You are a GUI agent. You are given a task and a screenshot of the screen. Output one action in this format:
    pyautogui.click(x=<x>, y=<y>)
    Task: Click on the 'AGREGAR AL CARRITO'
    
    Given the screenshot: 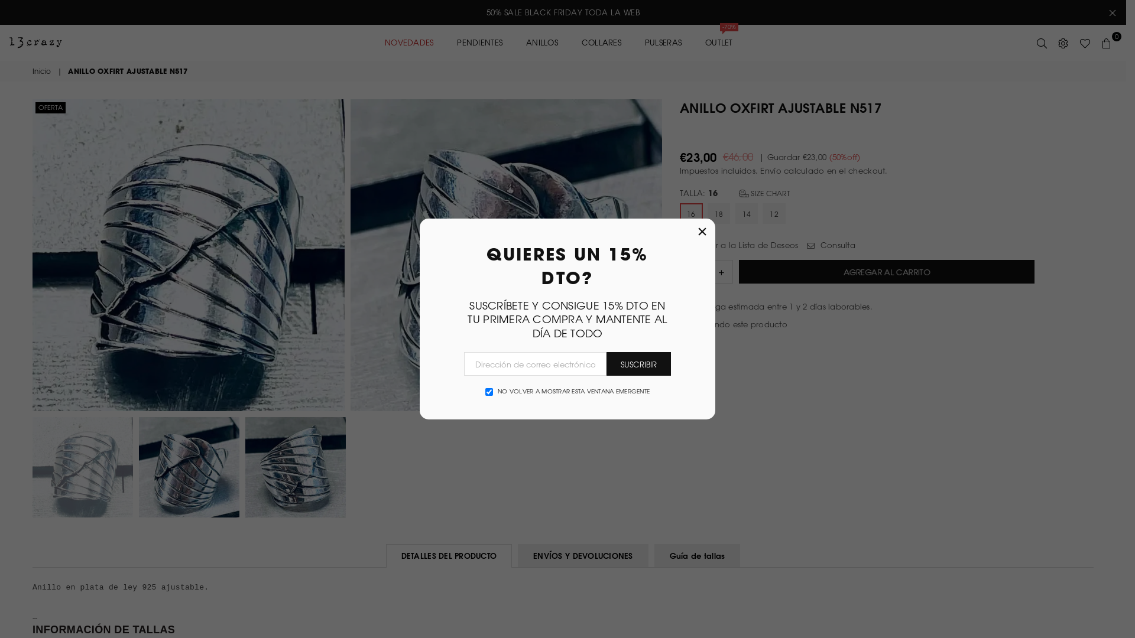 What is the action you would take?
    pyautogui.click(x=886, y=271)
    